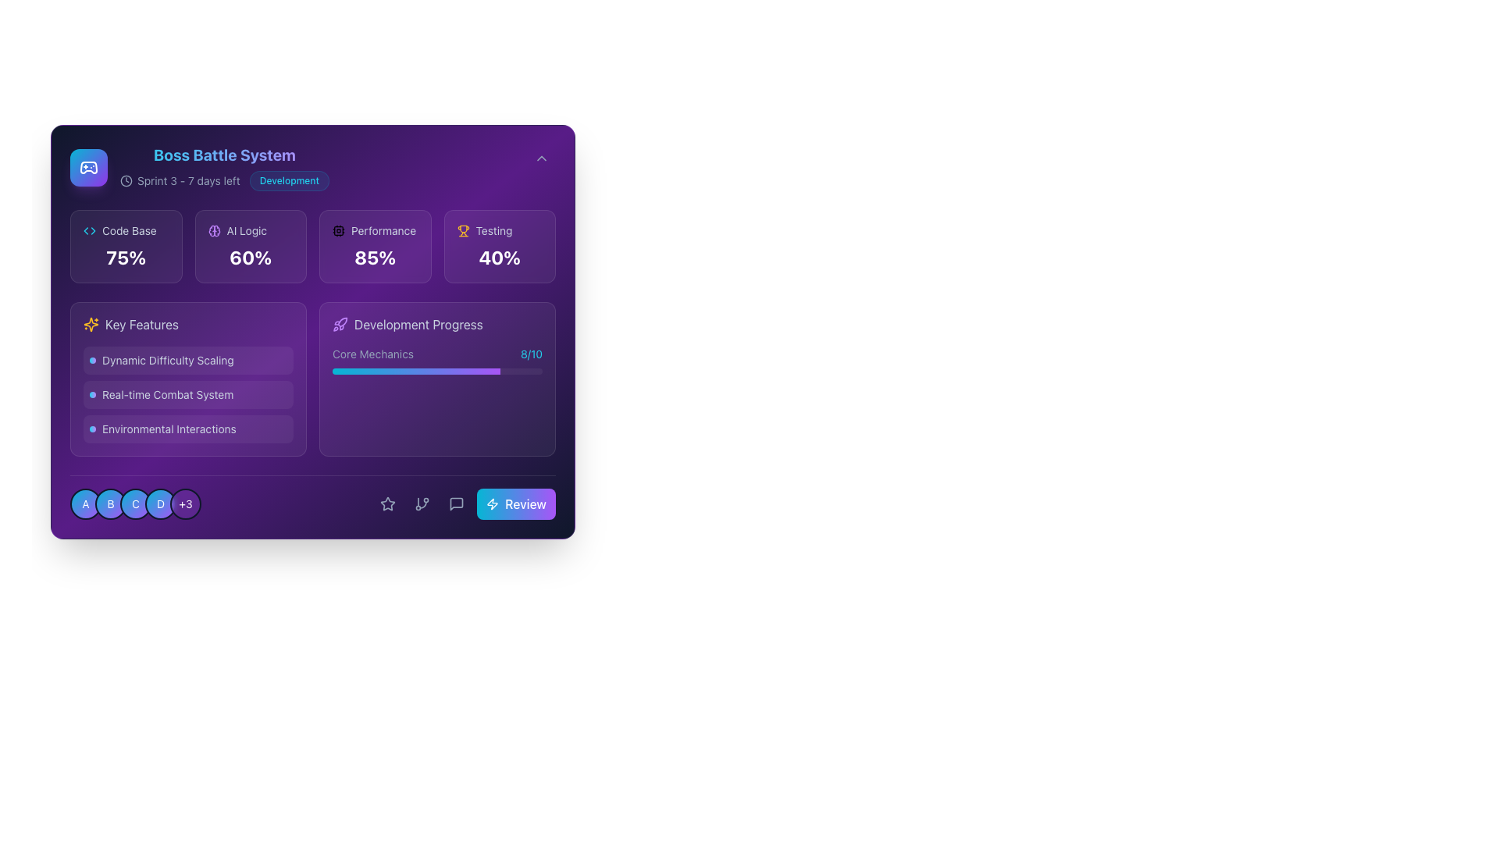  Describe the element at coordinates (375, 246) in the screenshot. I see `displayed text '85%' in large, bold font on the card with a soft purple background that occupies the third position from the left in the top row of the grid layout` at that location.